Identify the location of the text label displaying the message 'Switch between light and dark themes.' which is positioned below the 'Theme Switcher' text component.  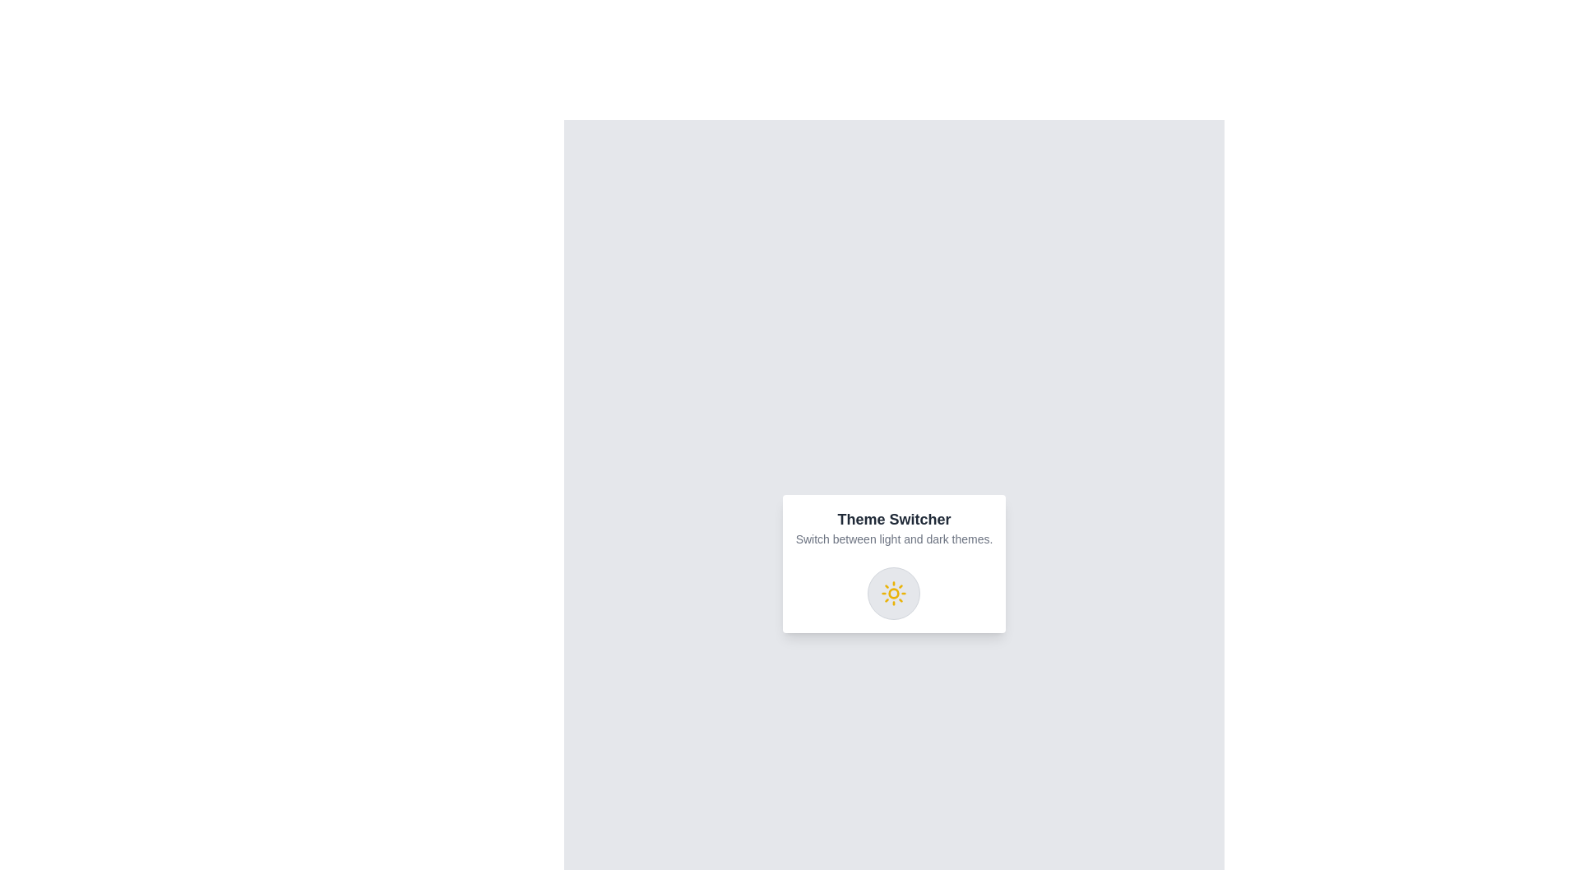
(893, 539).